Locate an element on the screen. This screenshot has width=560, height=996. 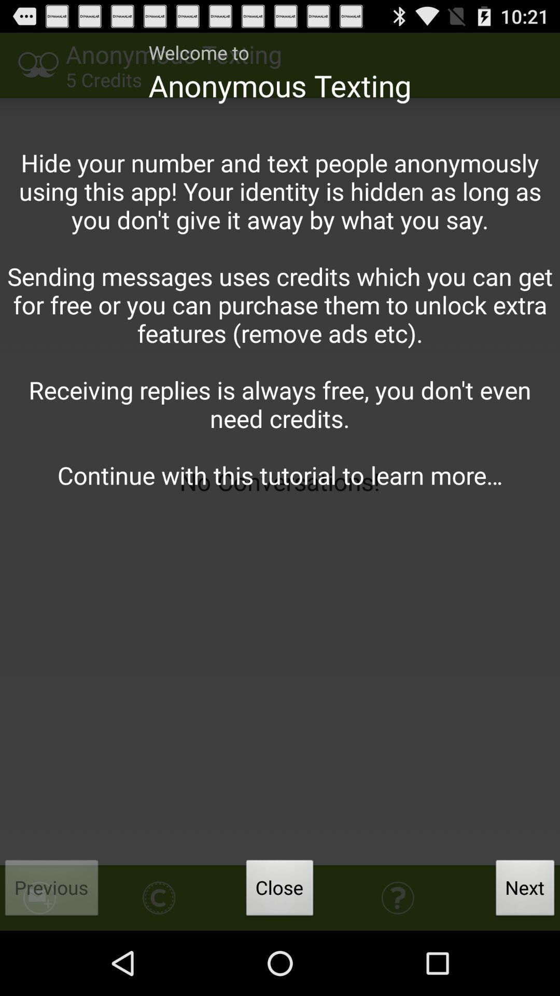
the icon to the left of next button is located at coordinates (280, 890).